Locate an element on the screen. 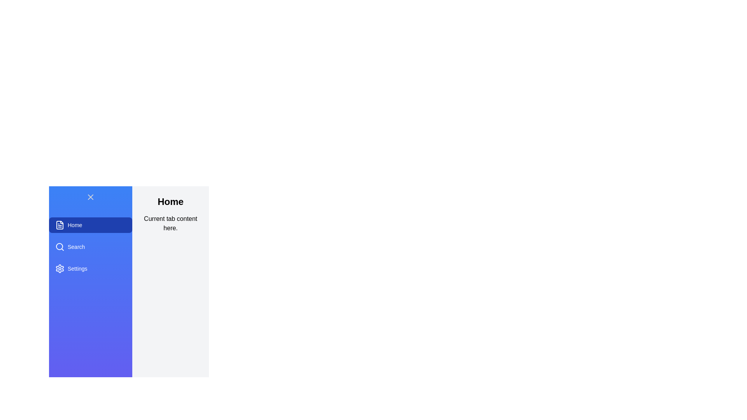 The image size is (747, 420). the Search tab from the list is located at coordinates (91, 247).